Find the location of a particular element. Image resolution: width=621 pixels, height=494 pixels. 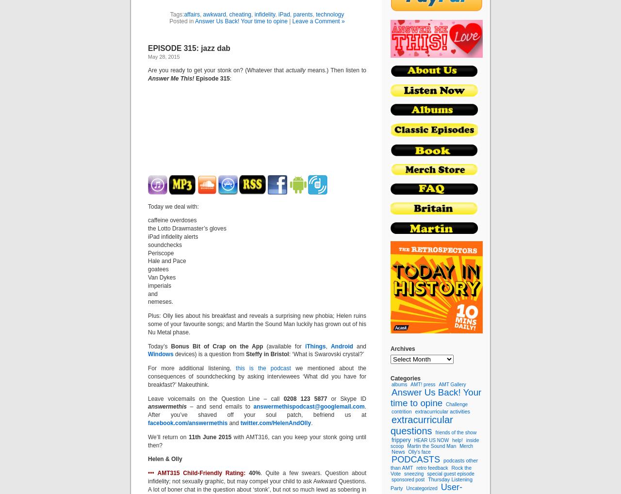

'extracurricular activities' is located at coordinates (441, 410).